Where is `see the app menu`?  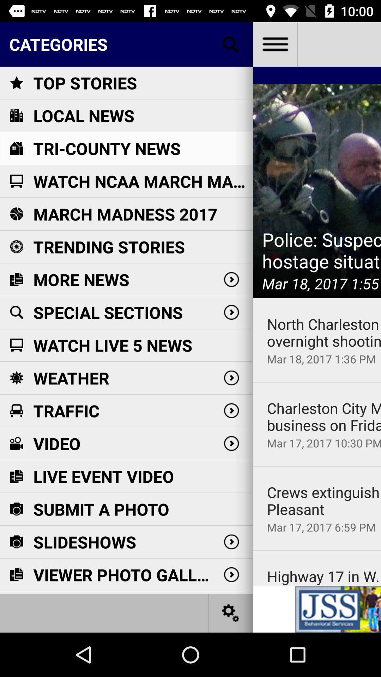
see the app menu is located at coordinates (274, 44).